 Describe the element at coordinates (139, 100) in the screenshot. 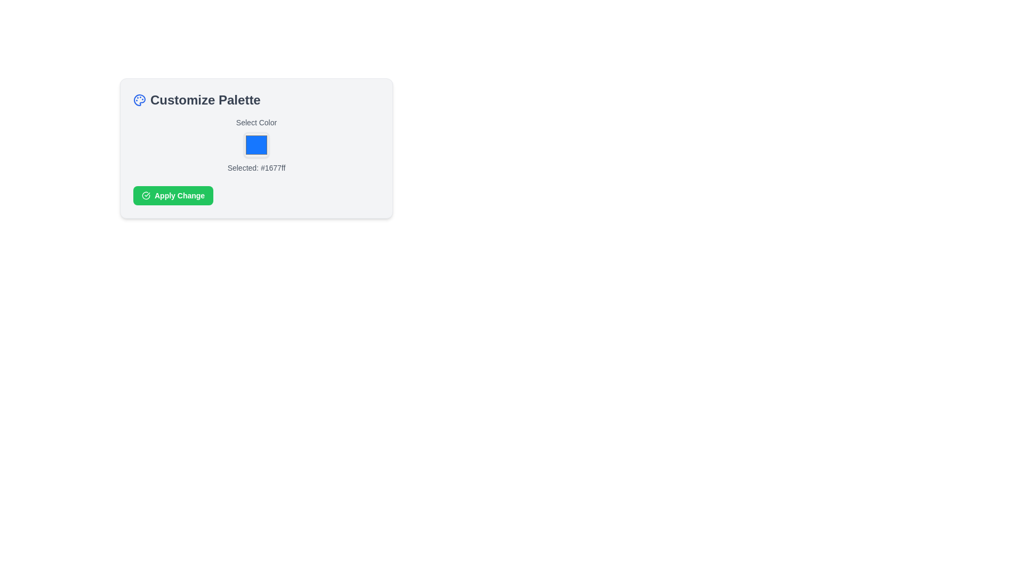

I see `the decorative icon representing the customization of color palettes, located to the left of the 'Customize Palette' heading` at that location.